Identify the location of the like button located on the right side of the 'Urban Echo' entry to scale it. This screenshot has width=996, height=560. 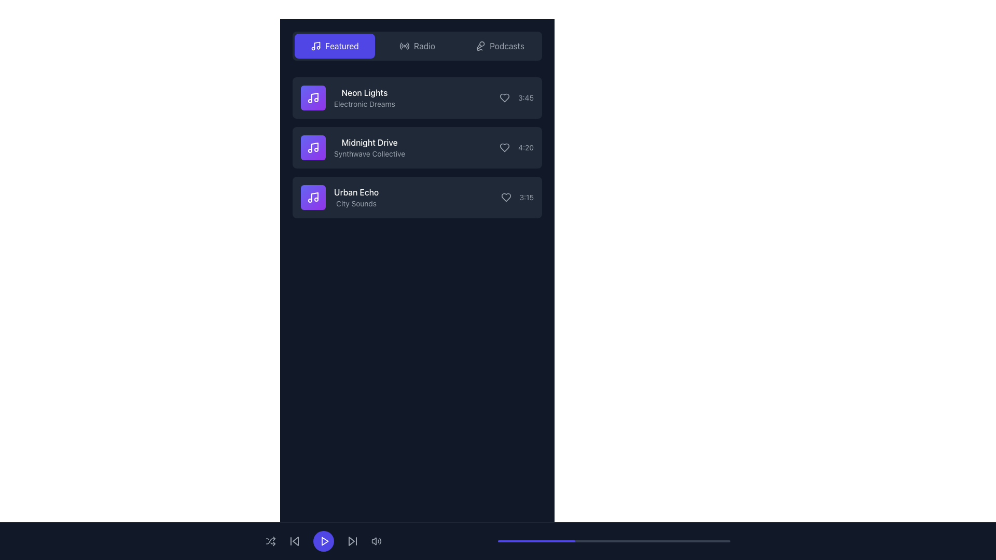
(506, 198).